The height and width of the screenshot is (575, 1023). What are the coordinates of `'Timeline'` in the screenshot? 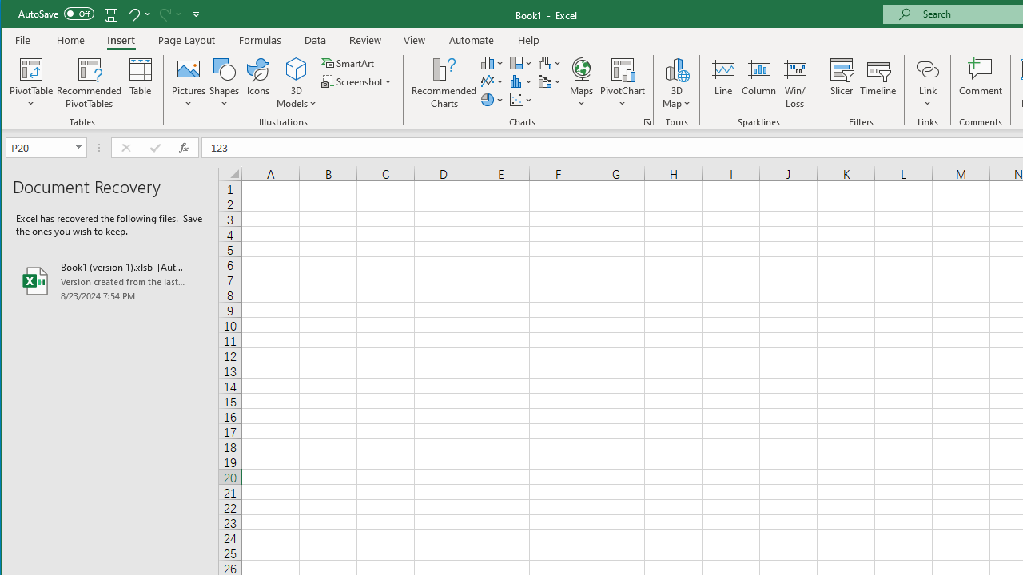 It's located at (877, 83).